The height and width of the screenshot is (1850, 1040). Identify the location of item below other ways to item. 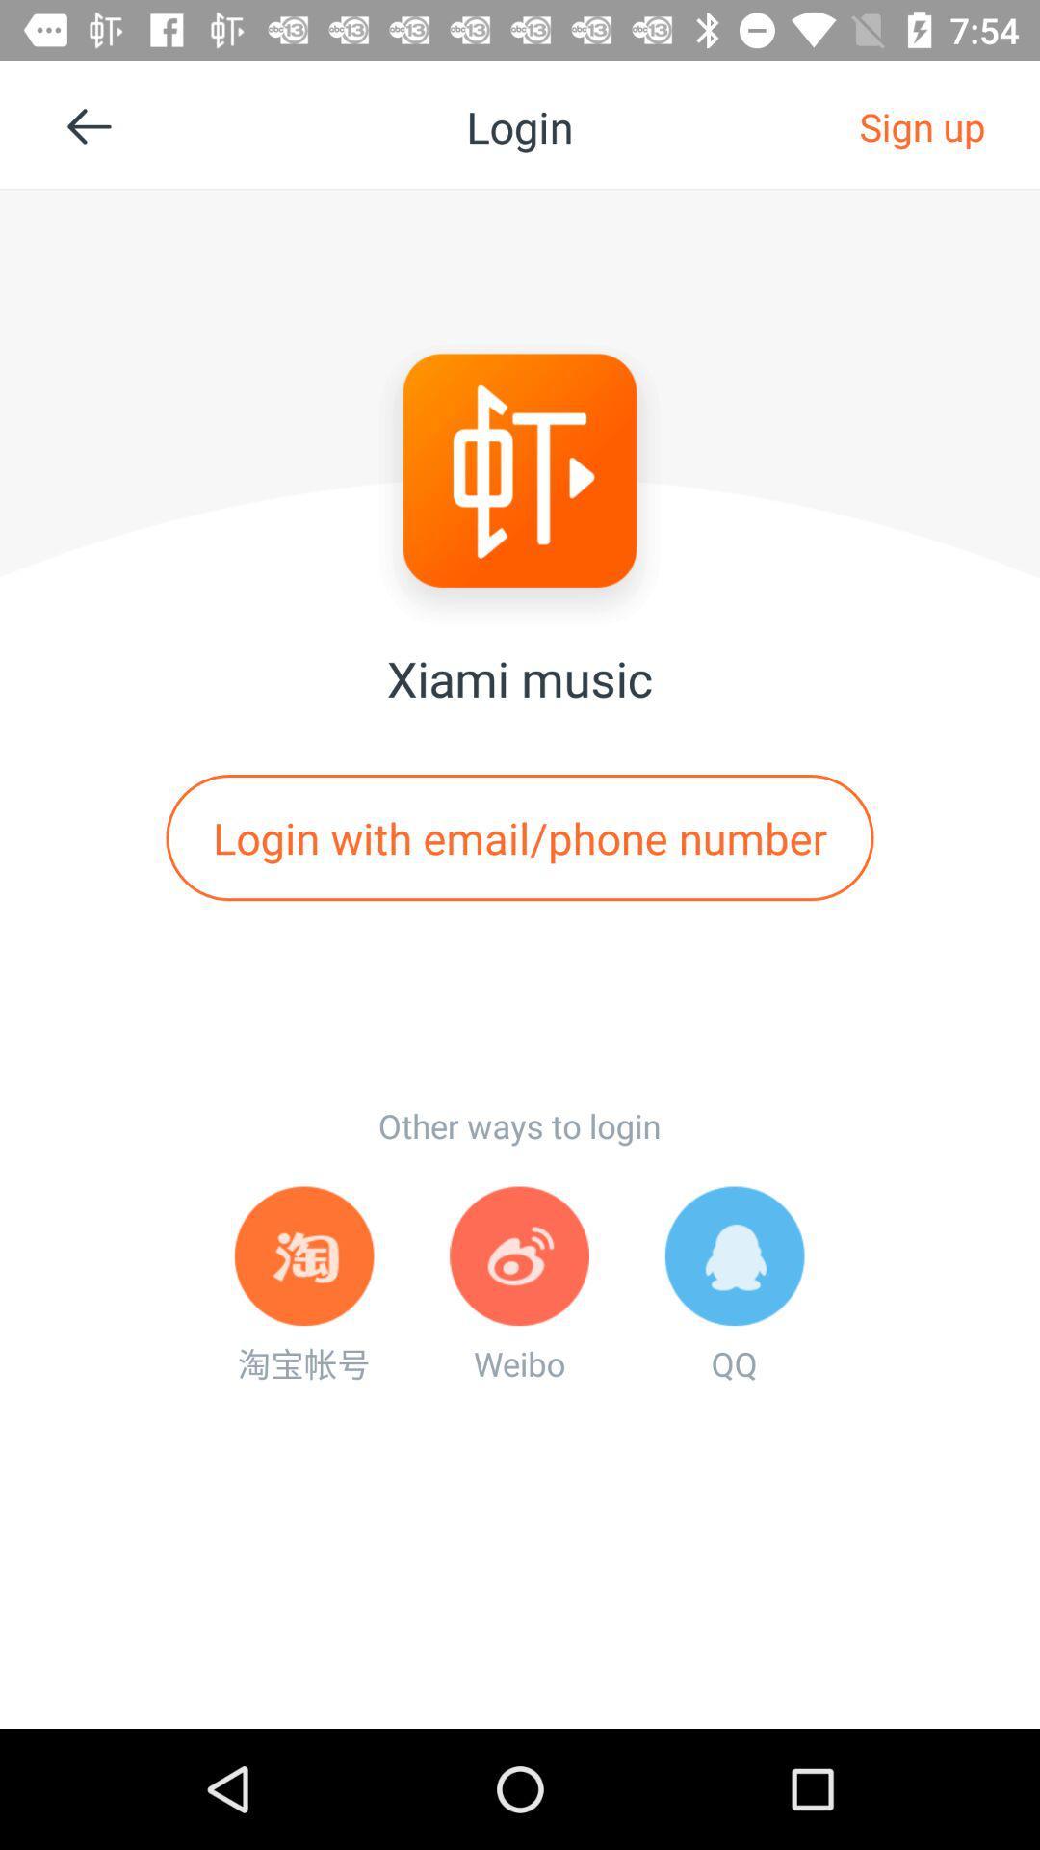
(518, 1285).